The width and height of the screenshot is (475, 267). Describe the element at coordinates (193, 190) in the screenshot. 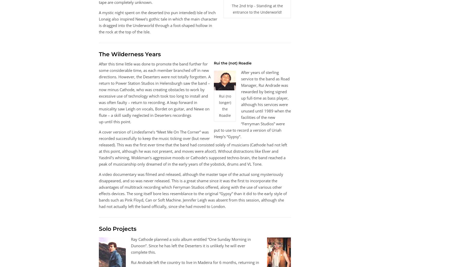

I see `'A video documentary was filmed and released, although the master tape of the actual song mysteriously disappeared, and so was never released. This is a great shame since it was the first to incorporate the advantages of multitrack recording which Ferryman Studios offered, along with the use of various other effects devices. The song itself bore less resemblance to the original “Gypsy” than it did to the early style of bands such as Pink Floyd, Can or Soft Machine. Jennifer Leigh was absent from this session, although she had not actually left the band officially, since she had moved to London.'` at that location.